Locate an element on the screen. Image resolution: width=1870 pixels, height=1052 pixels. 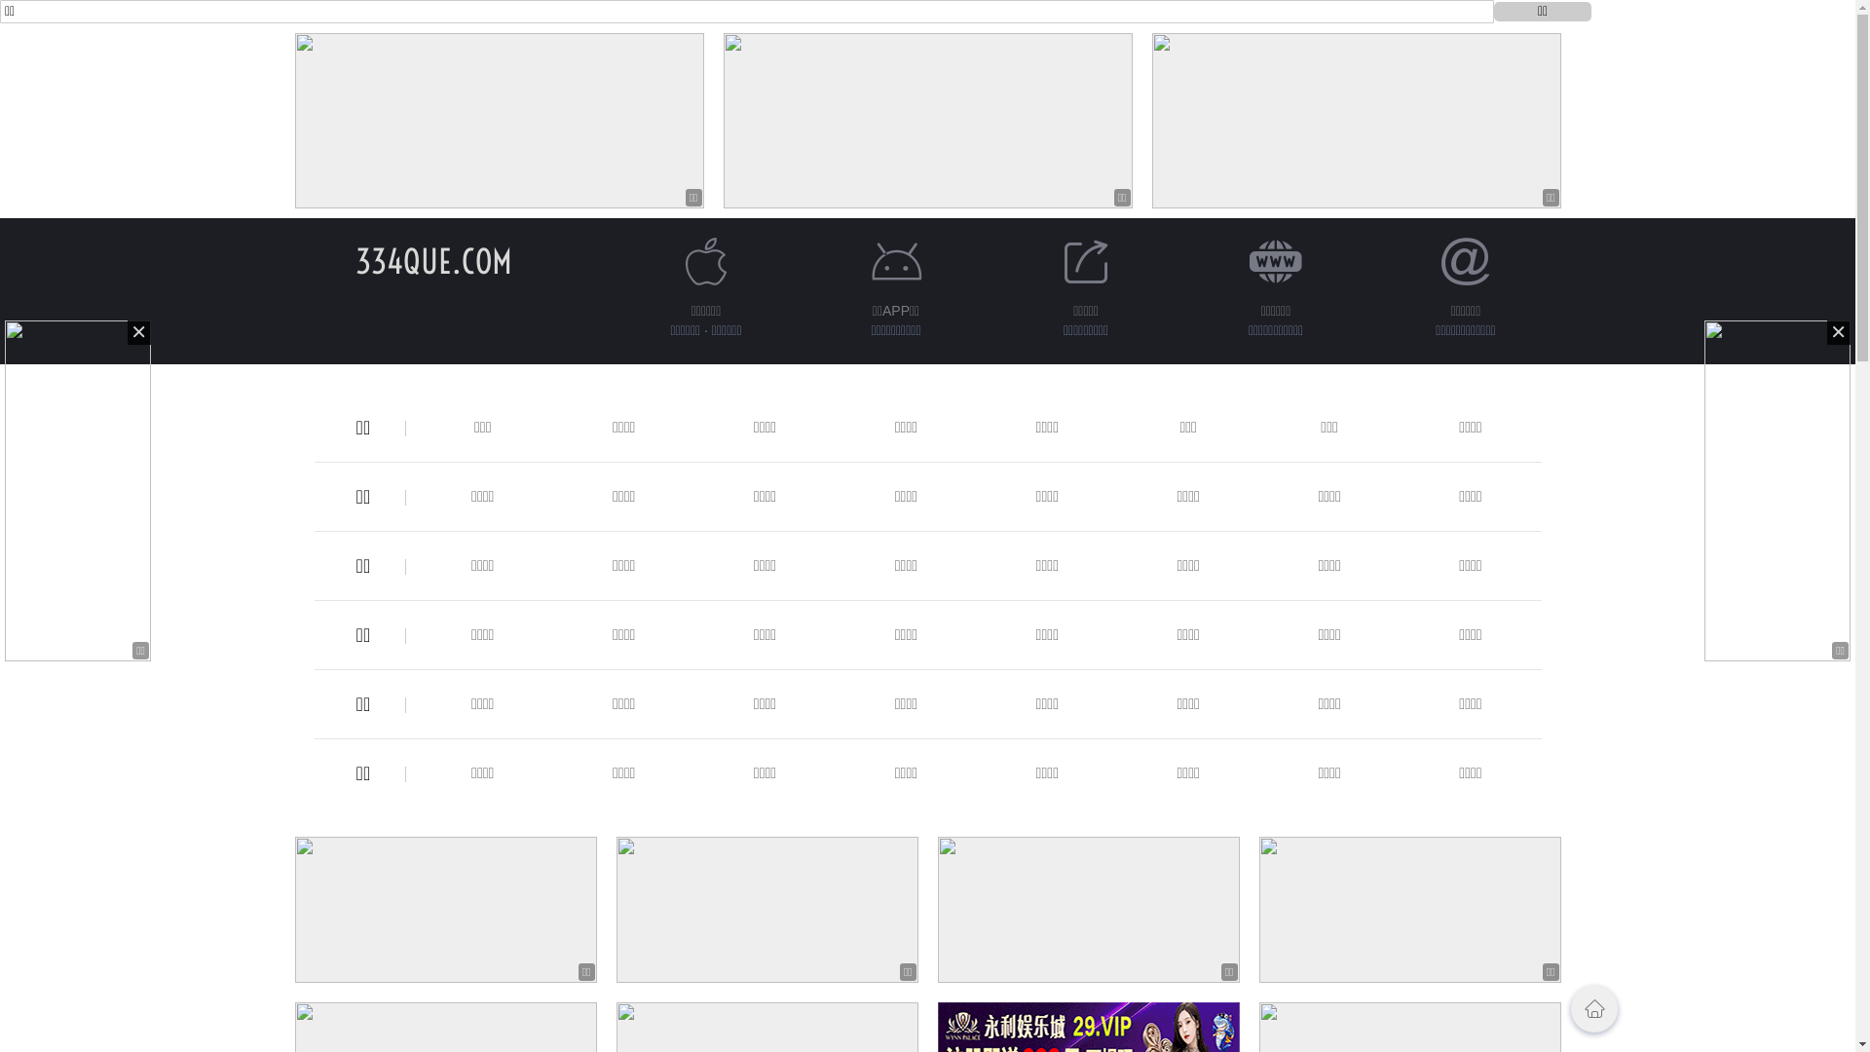
'334QUE.COM' is located at coordinates (432, 260).